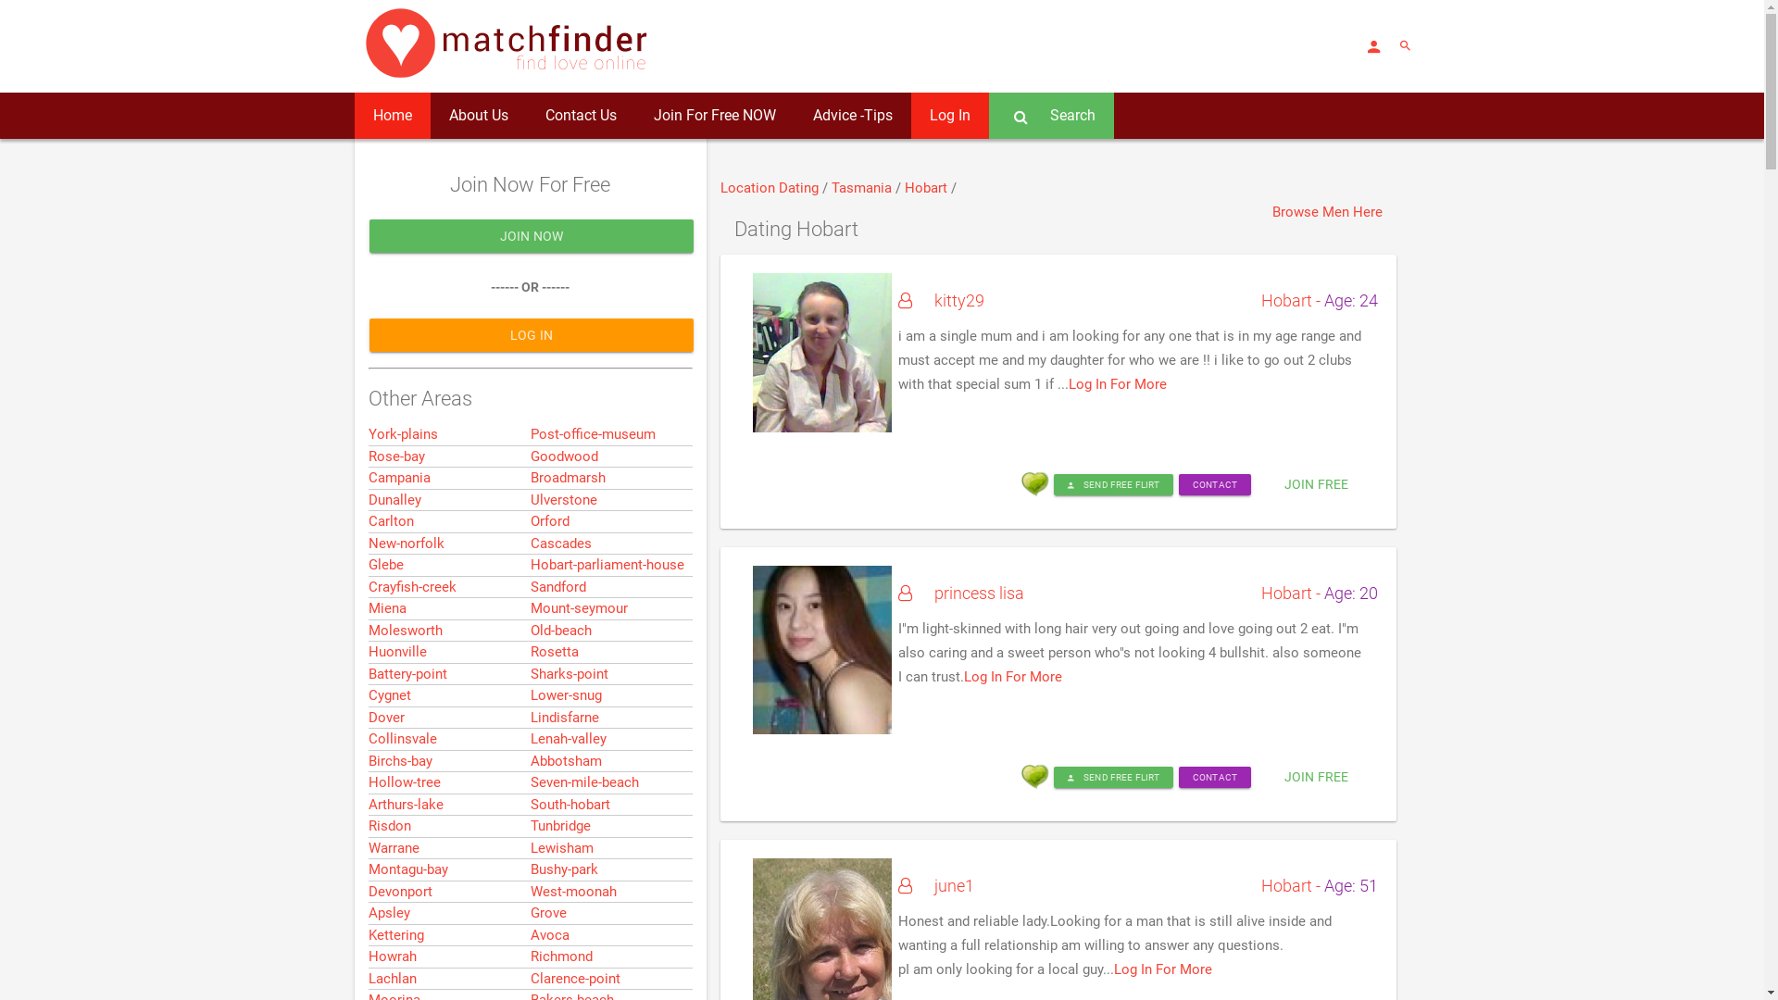 The image size is (1778, 1000). What do you see at coordinates (564, 695) in the screenshot?
I see `'Lower-snug'` at bounding box center [564, 695].